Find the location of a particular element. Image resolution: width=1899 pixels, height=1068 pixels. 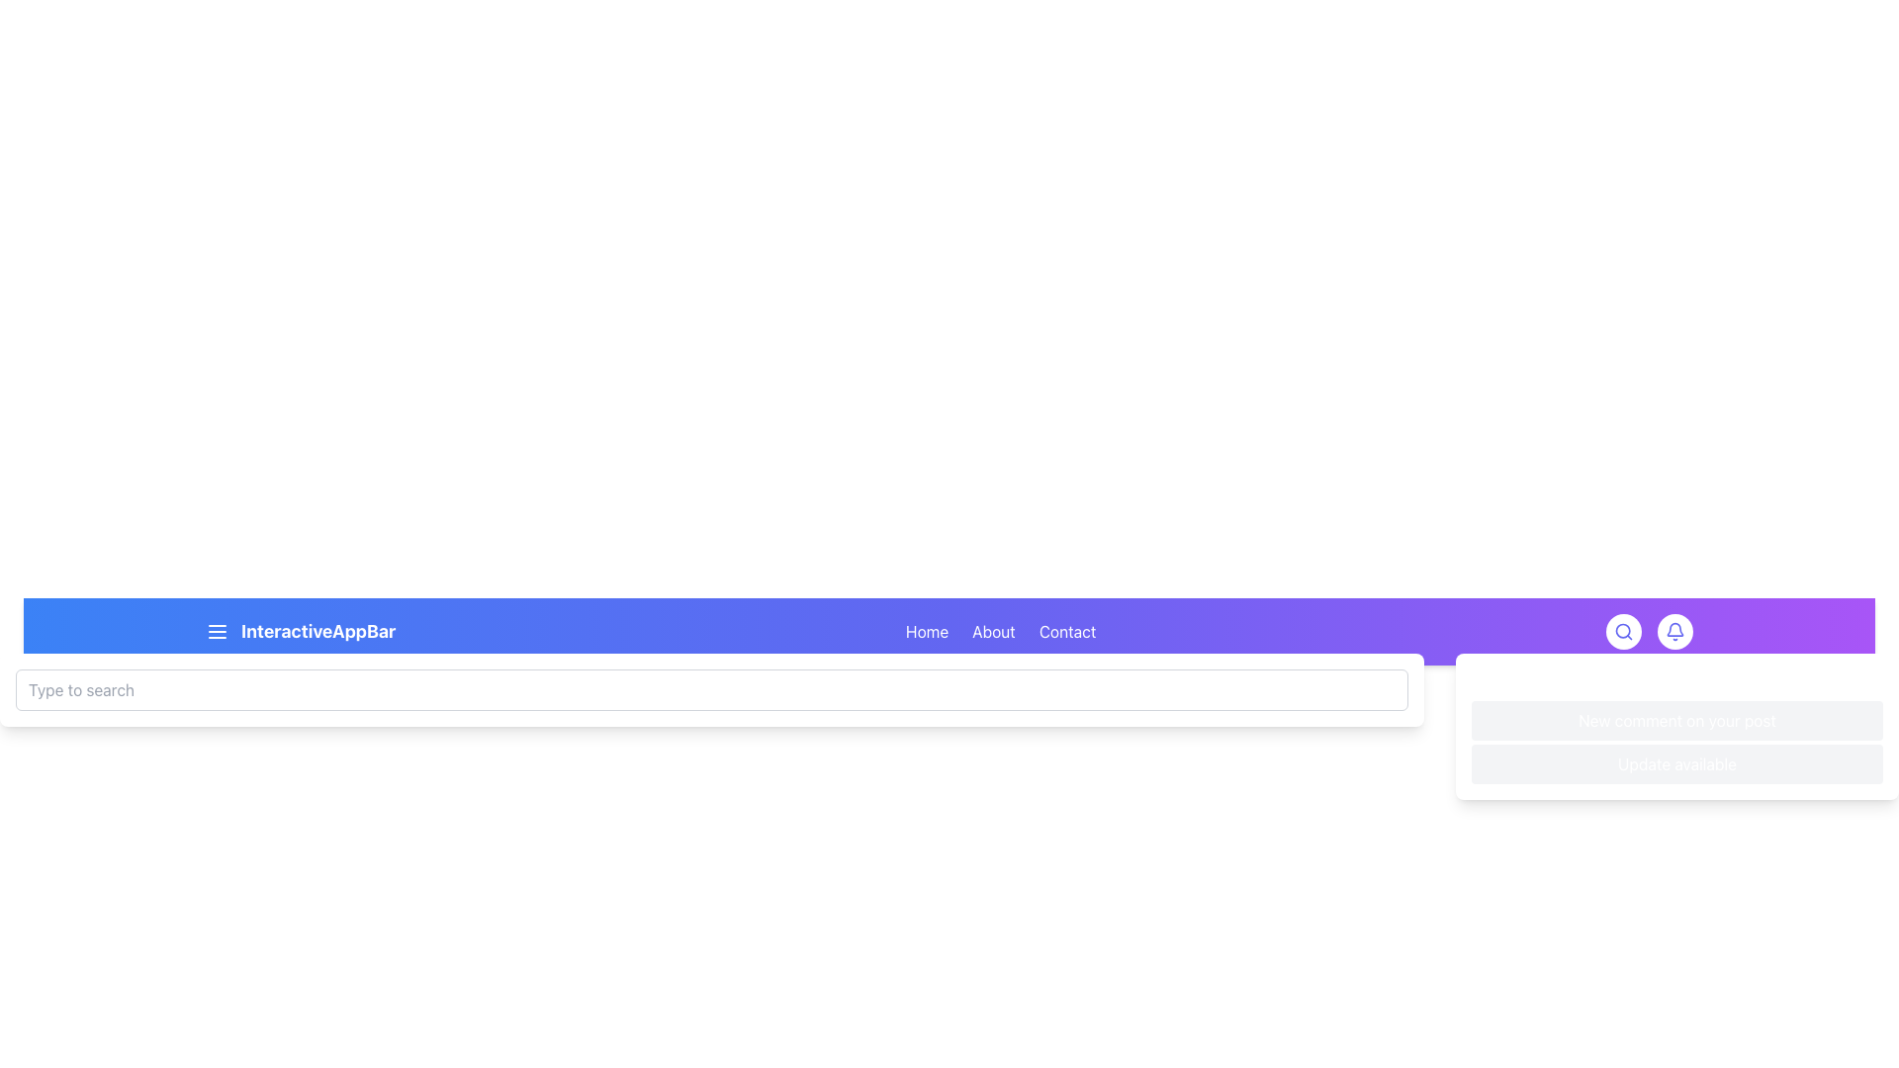

the circular search button with an indigo magnifying glass icon located in the upper-right corner of the interface is located at coordinates (1623, 632).